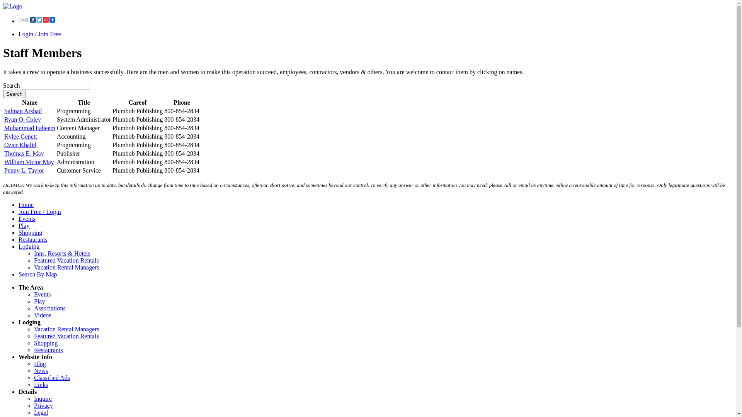 This screenshot has width=742, height=417. Describe the element at coordinates (21, 145) in the screenshot. I see `'Ozair Khalid,'` at that location.